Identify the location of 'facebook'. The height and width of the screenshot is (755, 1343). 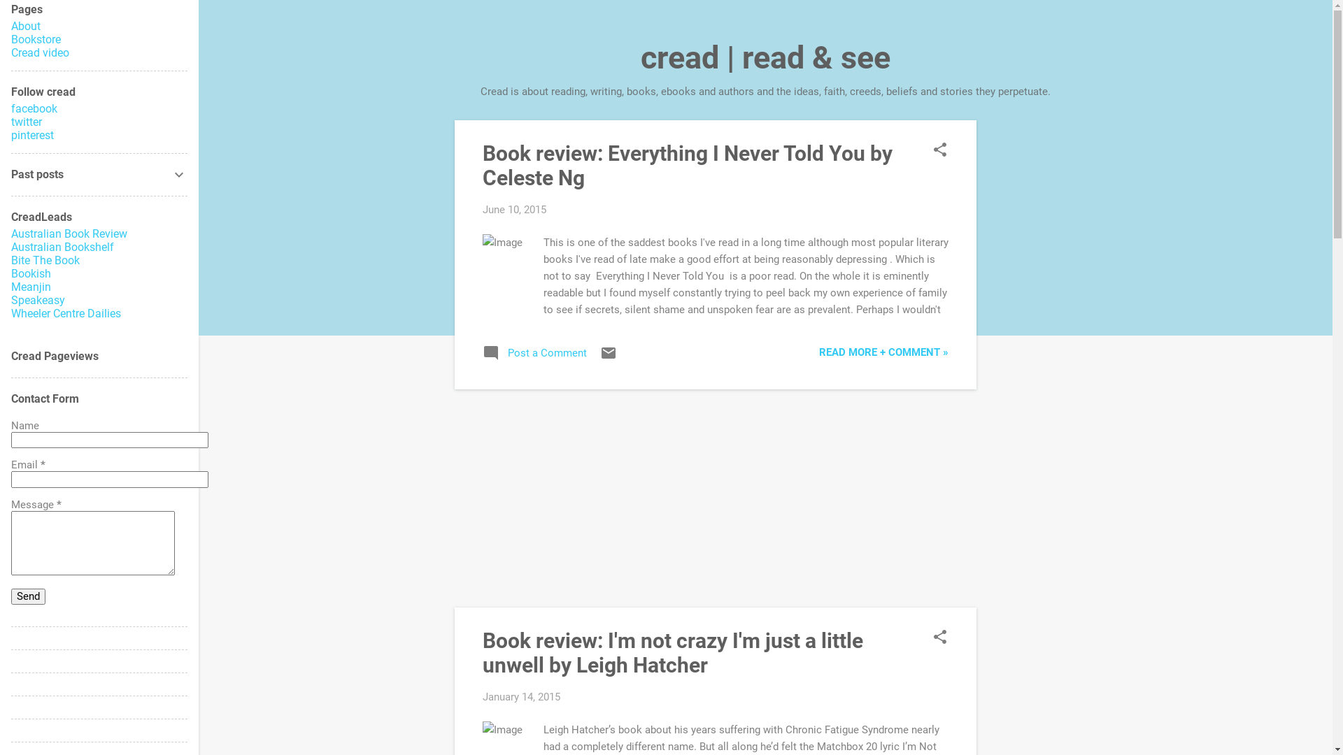
(34, 108).